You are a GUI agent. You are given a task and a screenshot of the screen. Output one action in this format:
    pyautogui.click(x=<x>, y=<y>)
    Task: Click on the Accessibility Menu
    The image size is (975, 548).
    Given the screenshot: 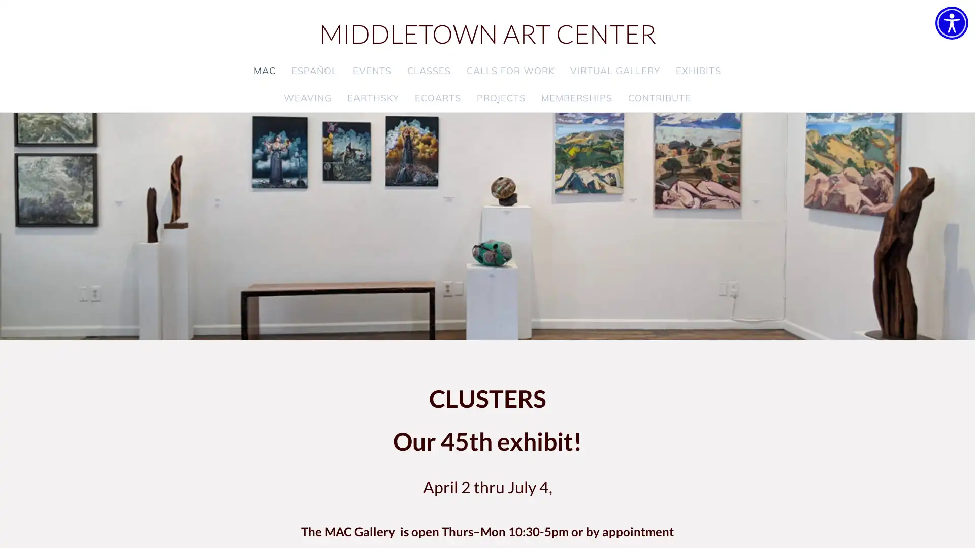 What is the action you would take?
    pyautogui.click(x=951, y=23)
    